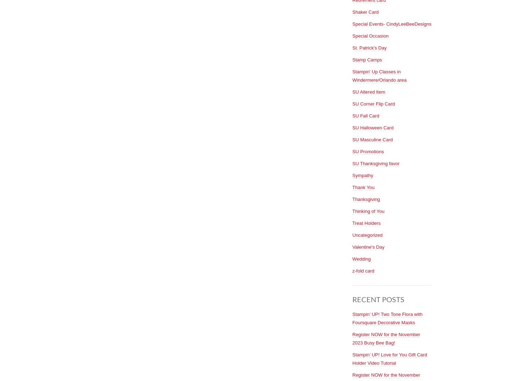 This screenshot has width=524, height=381. I want to click on 'Recent Posts', so click(378, 298).